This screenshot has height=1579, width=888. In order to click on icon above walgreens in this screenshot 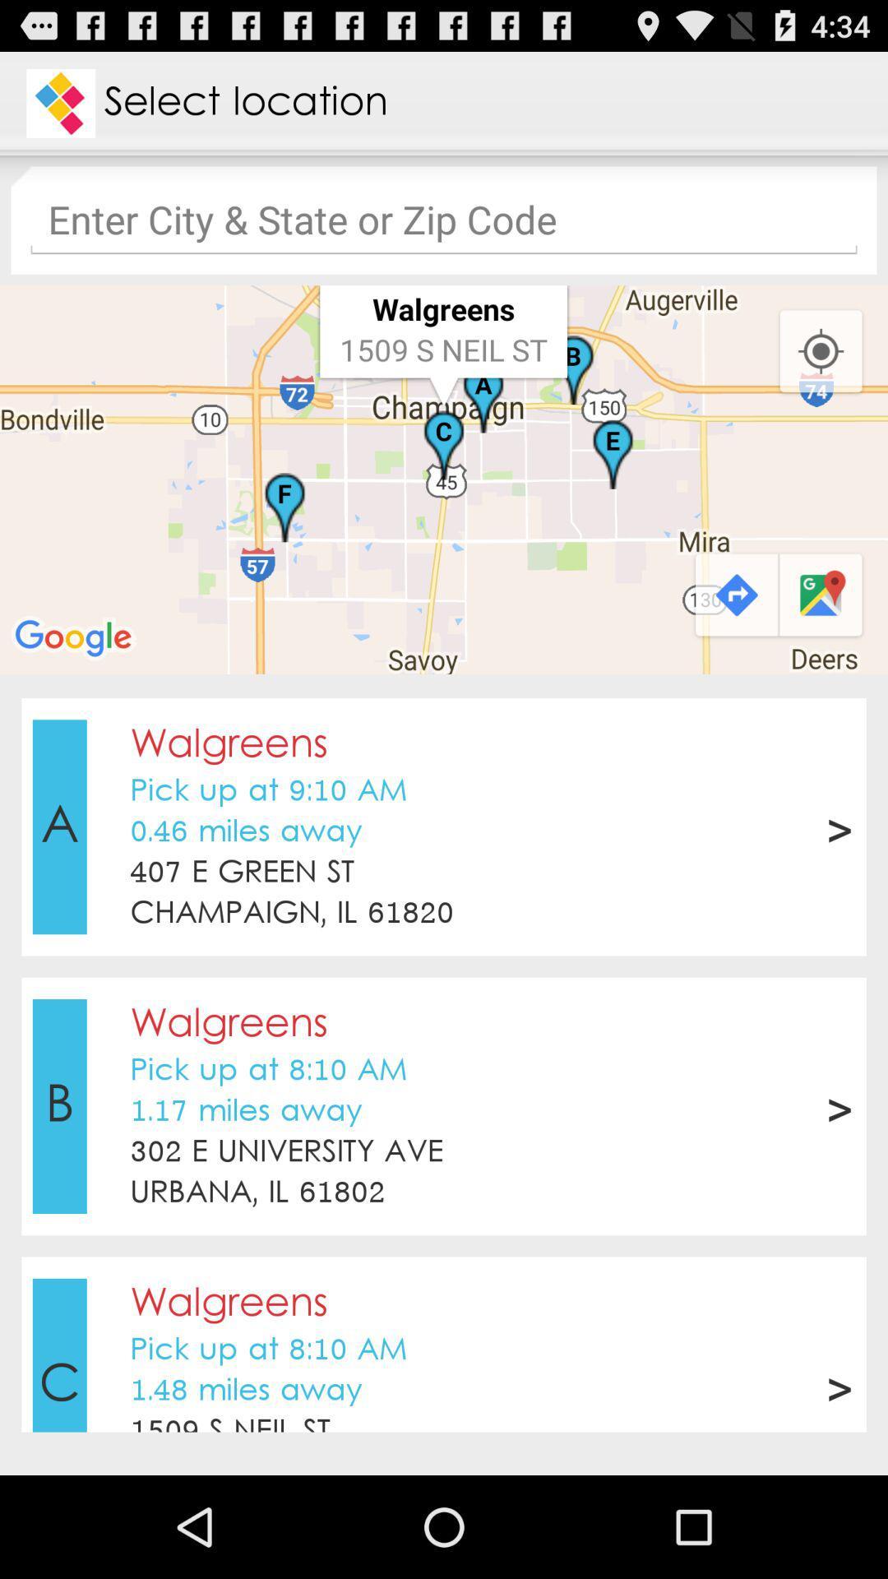, I will do `click(444, 1225)`.